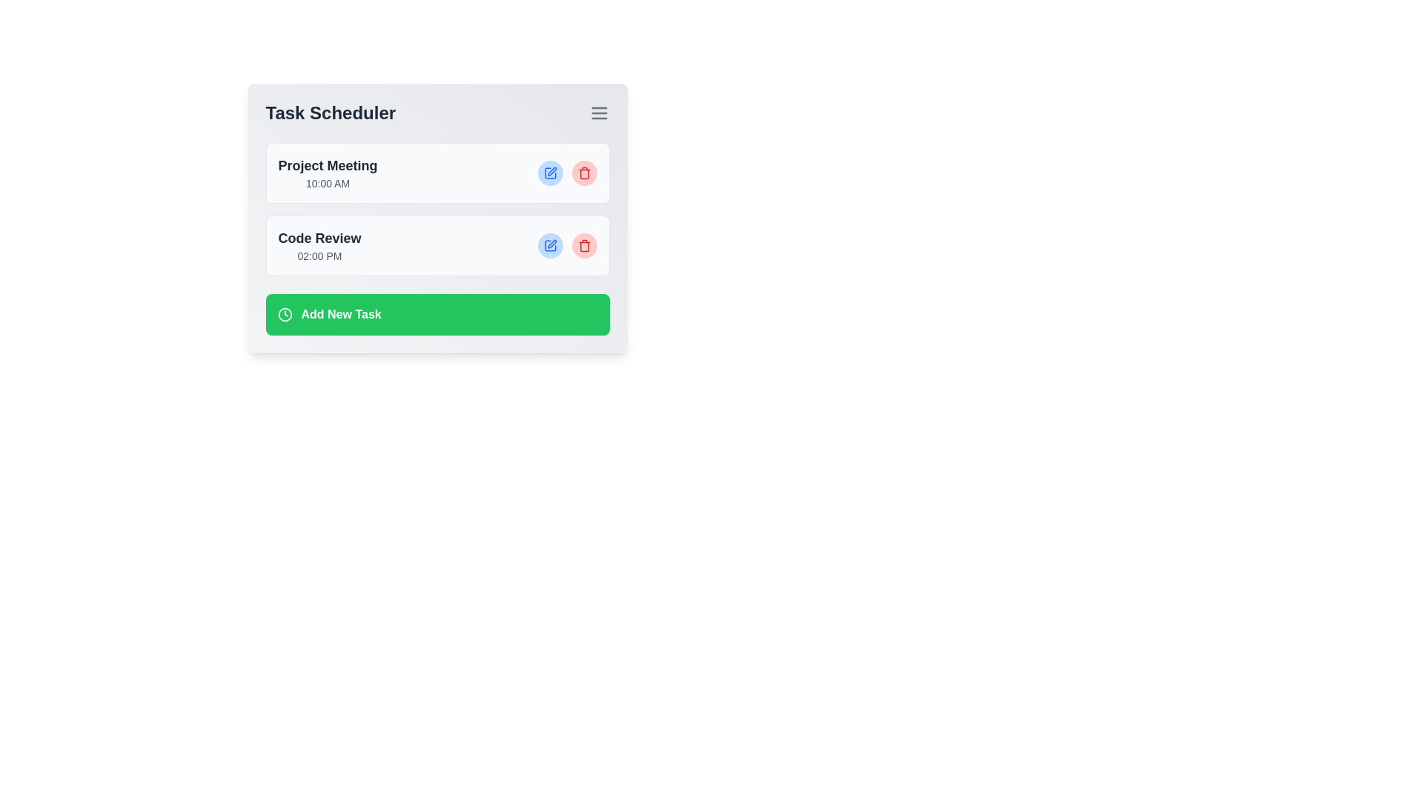 The height and width of the screenshot is (800, 1423). I want to click on the static text label that serves as the title of a scheduled task, located above the text '02:00 PM' in the second task block of the 'Task Scheduler' section, so click(319, 237).